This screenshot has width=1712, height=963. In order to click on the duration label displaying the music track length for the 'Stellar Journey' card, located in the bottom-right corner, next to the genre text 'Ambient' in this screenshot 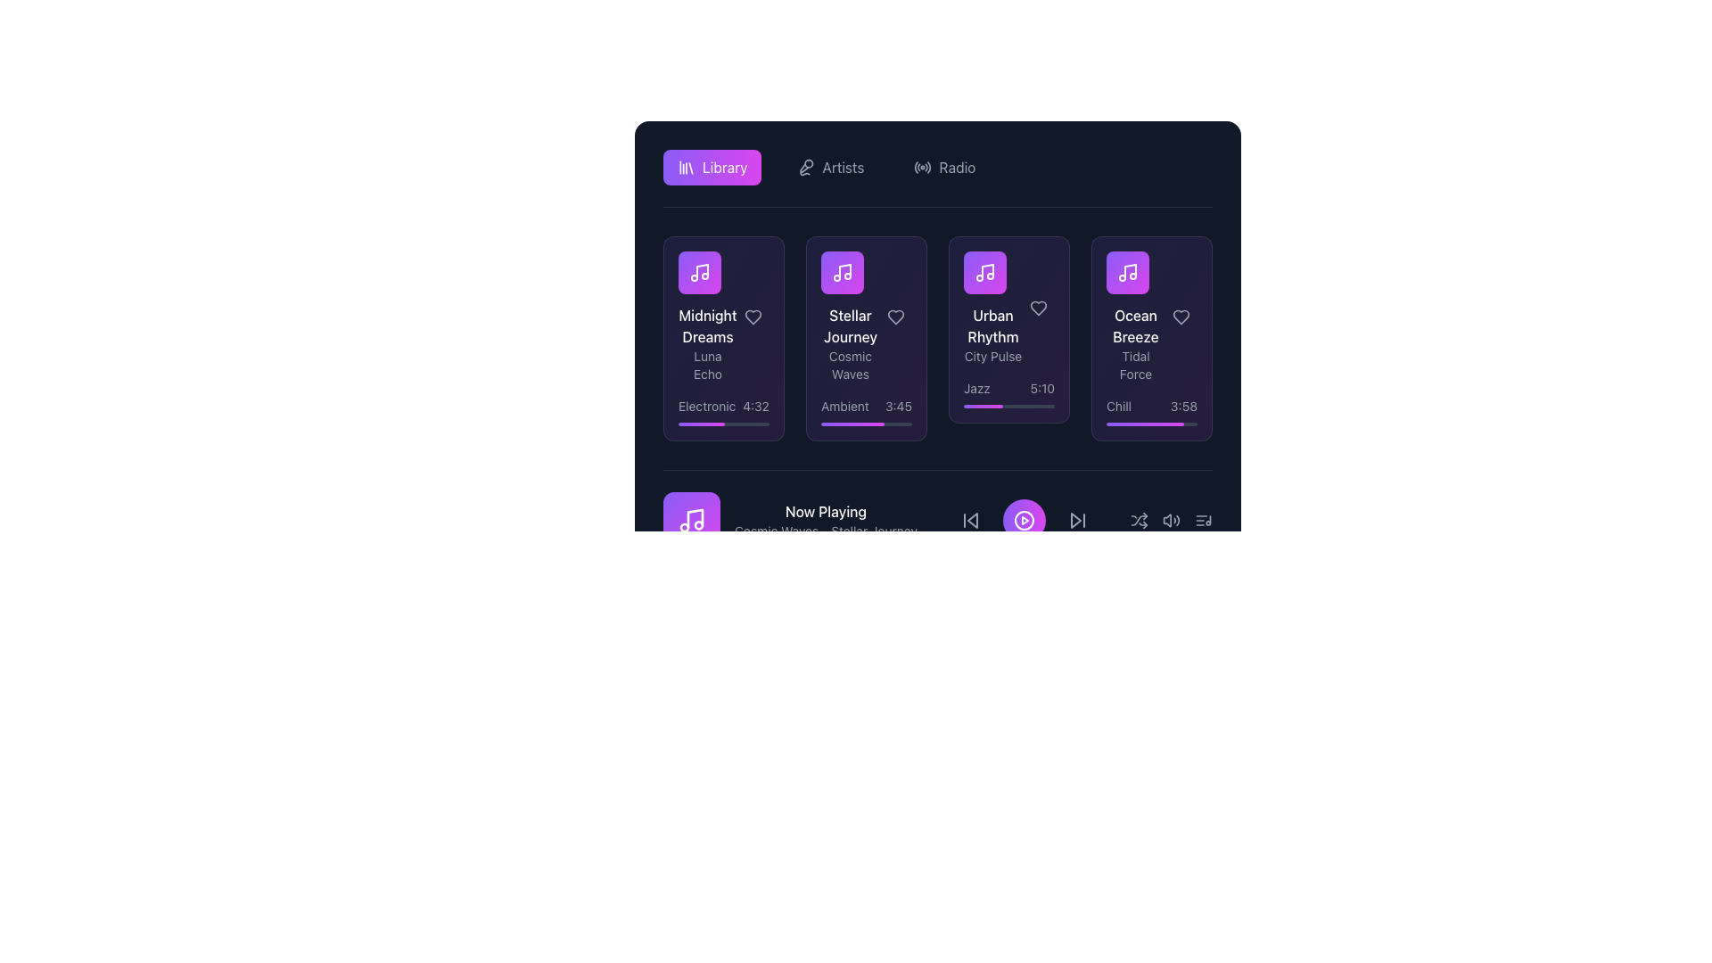, I will do `click(899, 406)`.